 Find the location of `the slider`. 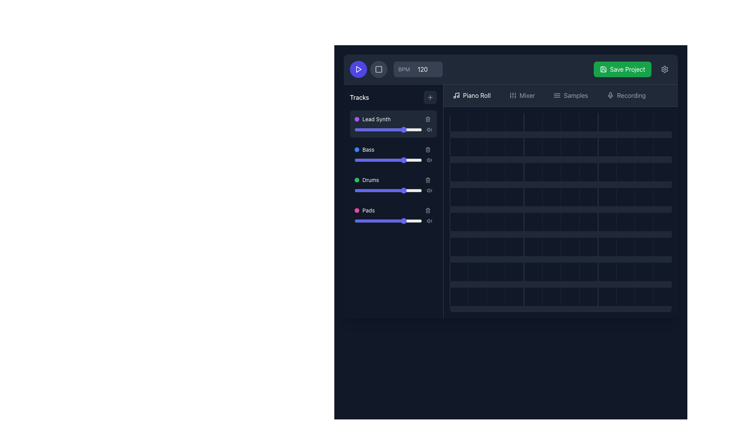

the slider is located at coordinates (369, 221).